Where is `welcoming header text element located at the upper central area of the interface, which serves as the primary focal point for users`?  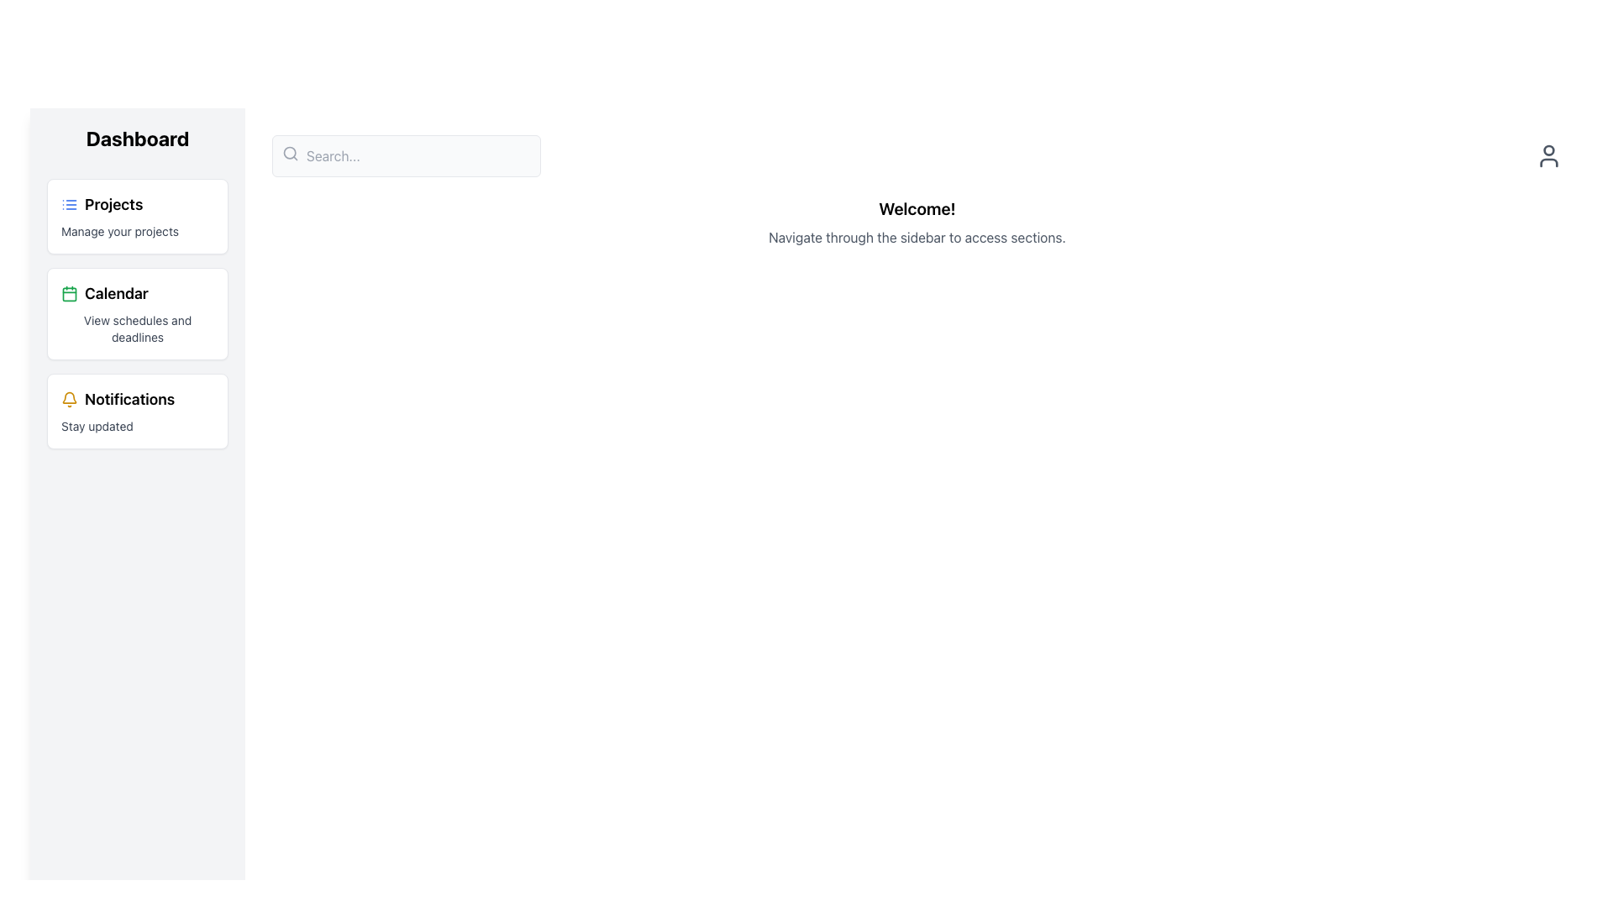 welcoming header text element located at the upper central area of the interface, which serves as the primary focal point for users is located at coordinates (916, 208).